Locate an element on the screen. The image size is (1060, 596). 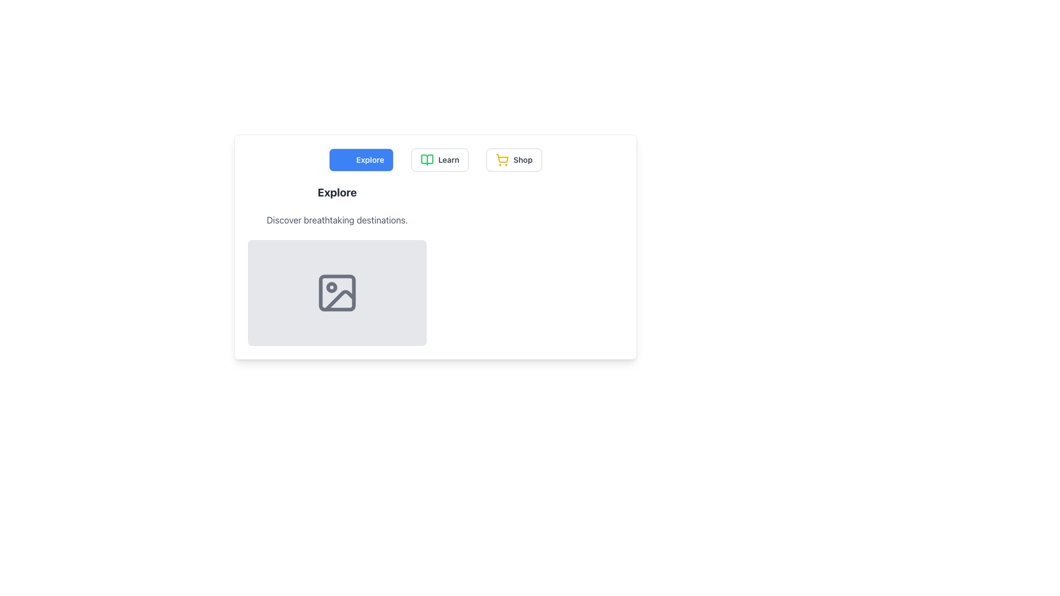
the Image Placeholder, which is a rectangular element with a light gray background and a centered image icon, positioned below the text 'Explore' and 'Discover breathtaking destinations.' is located at coordinates (336, 292).